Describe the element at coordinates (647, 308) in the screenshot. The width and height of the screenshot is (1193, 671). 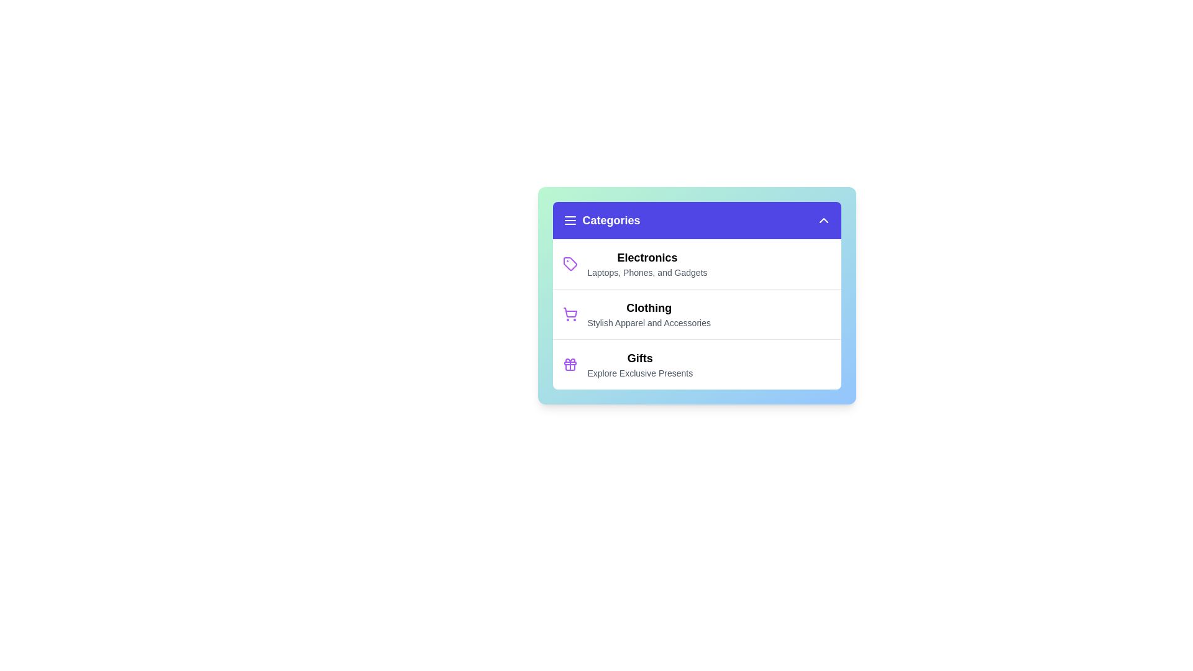
I see `the category Clothing by interacting with its title or description` at that location.